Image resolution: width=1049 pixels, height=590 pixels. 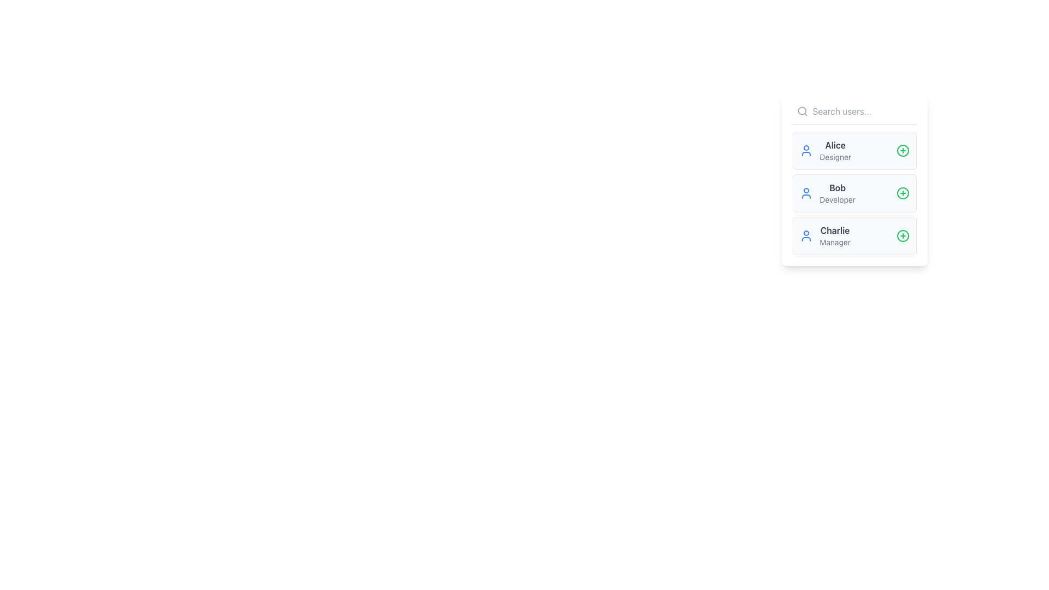 I want to click on the action button associated with the user 'Alice' to receive feedback, so click(x=903, y=151).